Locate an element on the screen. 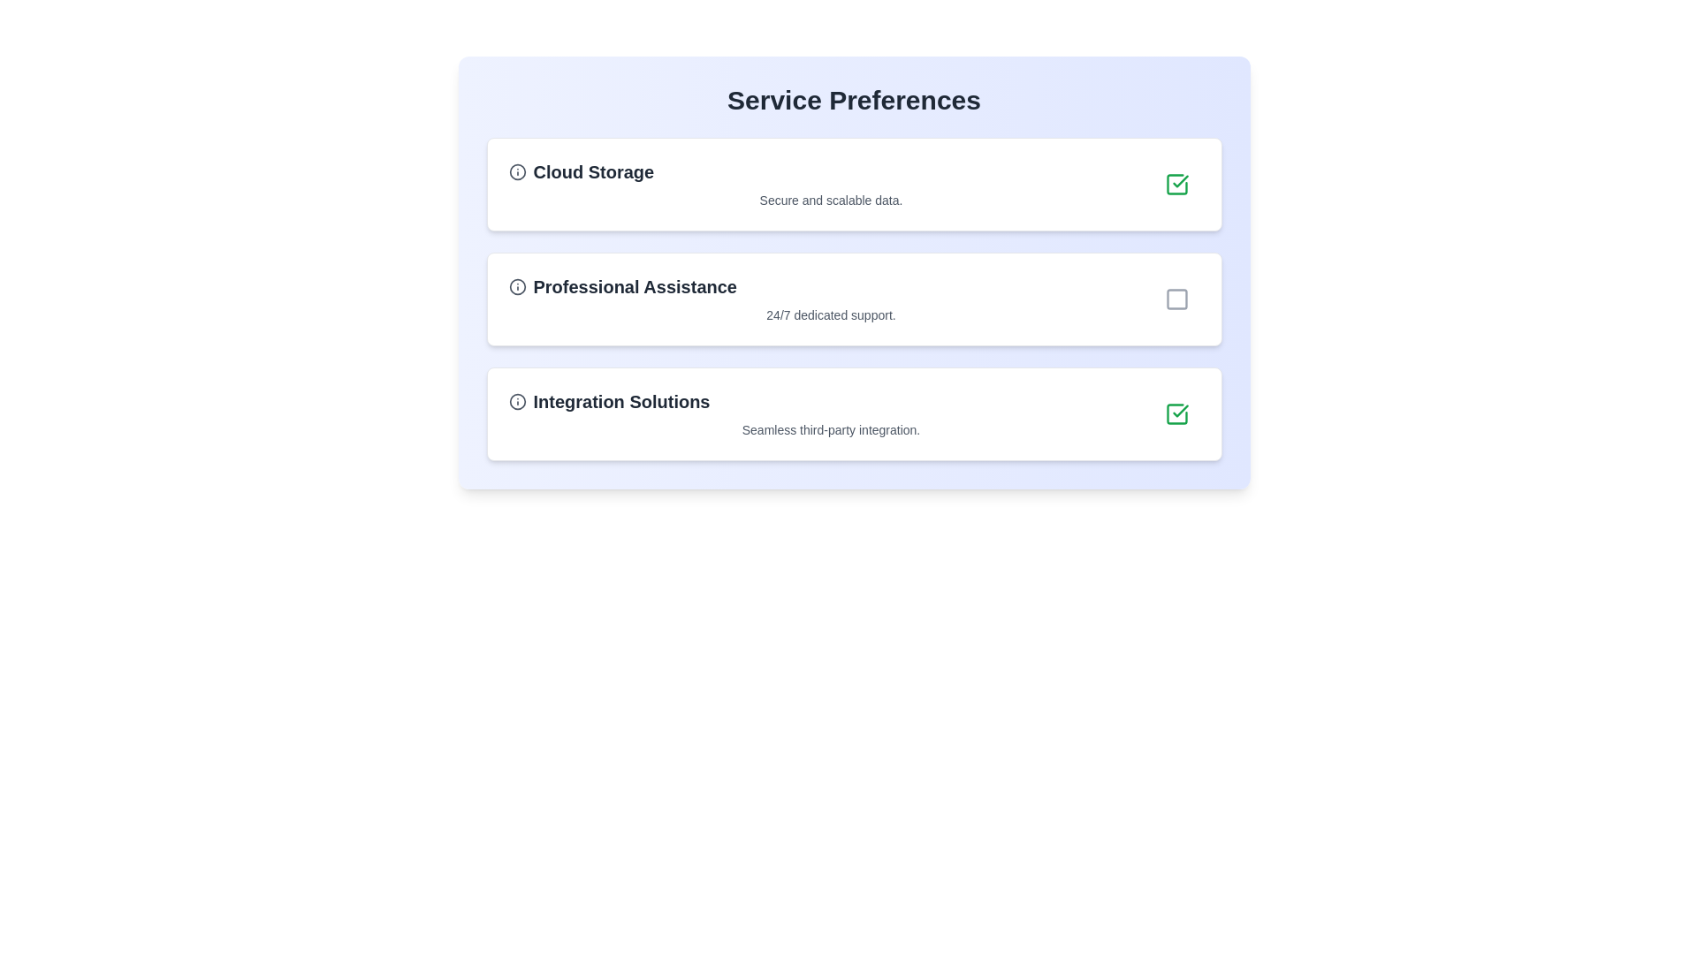 The width and height of the screenshot is (1697, 954). Icon component - Circle associated with the 'Cloud Storage' label by clicking on it is located at coordinates (516, 172).